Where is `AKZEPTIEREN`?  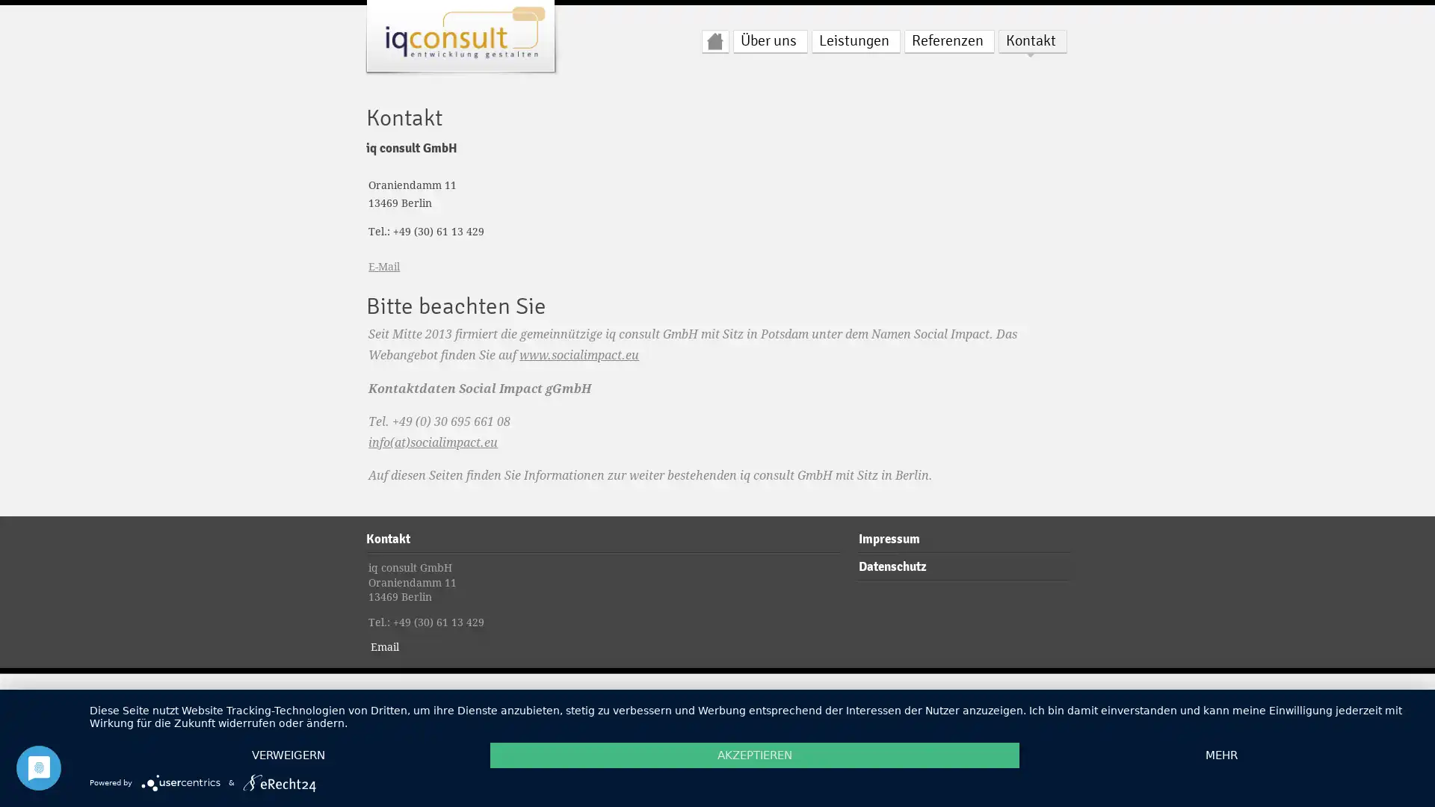 AKZEPTIEREN is located at coordinates (754, 755).